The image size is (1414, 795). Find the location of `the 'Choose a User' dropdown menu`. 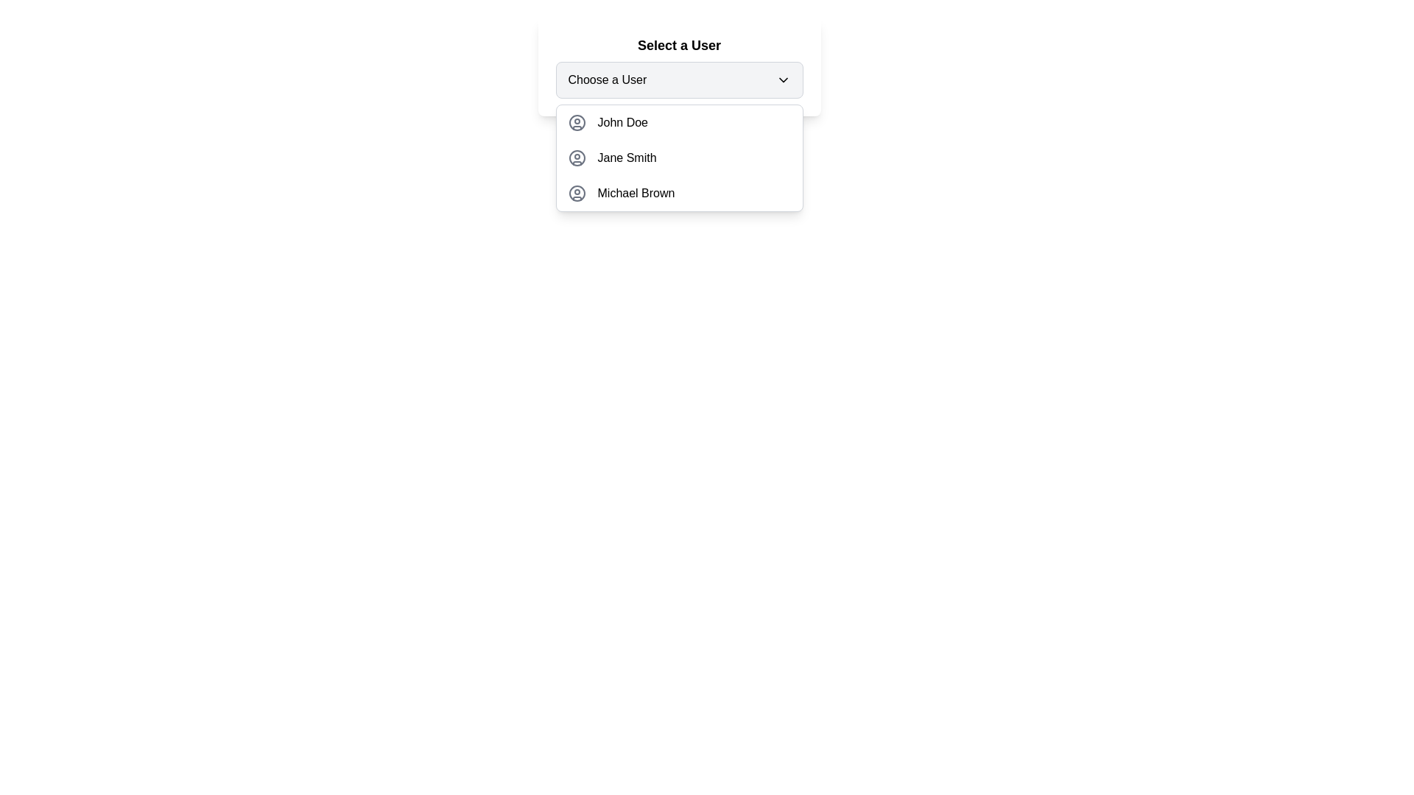

the 'Choose a User' dropdown menu is located at coordinates (678, 79).